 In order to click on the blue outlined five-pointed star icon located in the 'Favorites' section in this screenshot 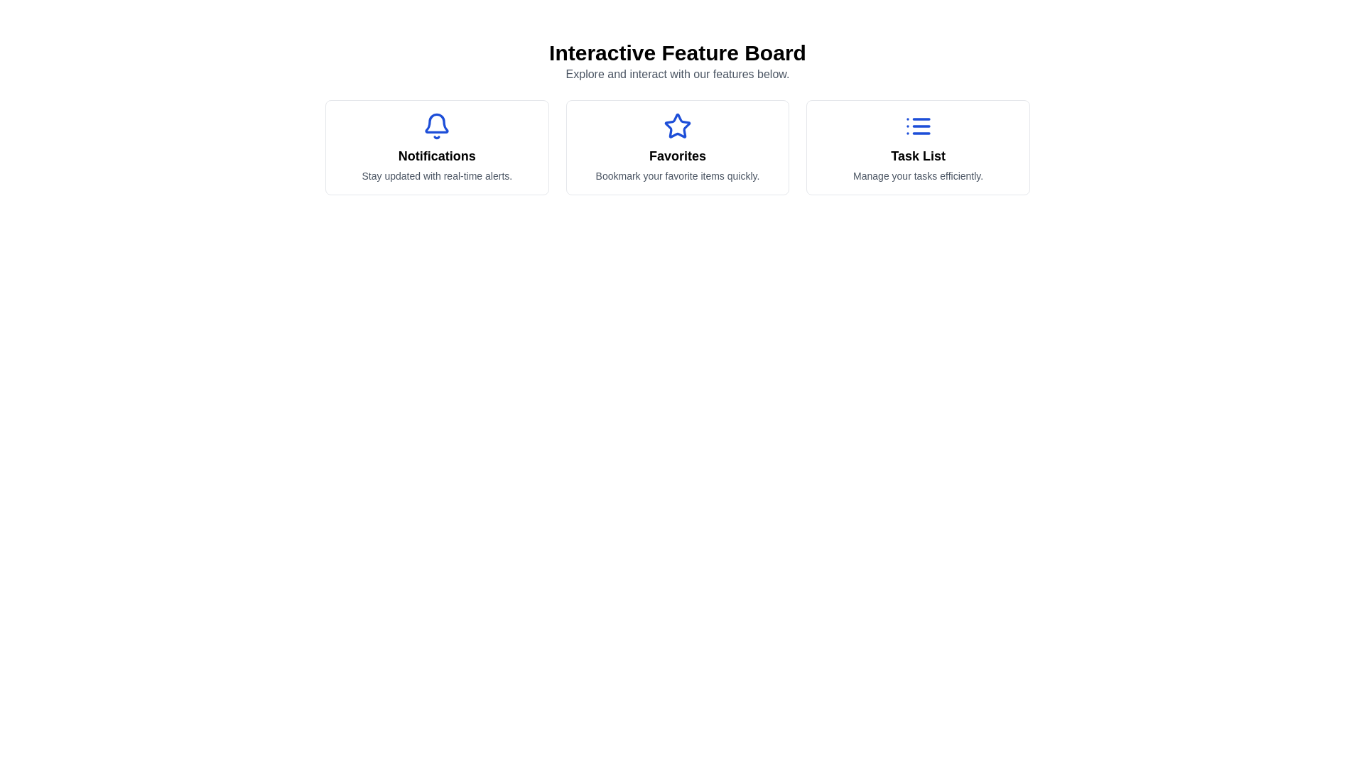, I will do `click(677, 125)`.